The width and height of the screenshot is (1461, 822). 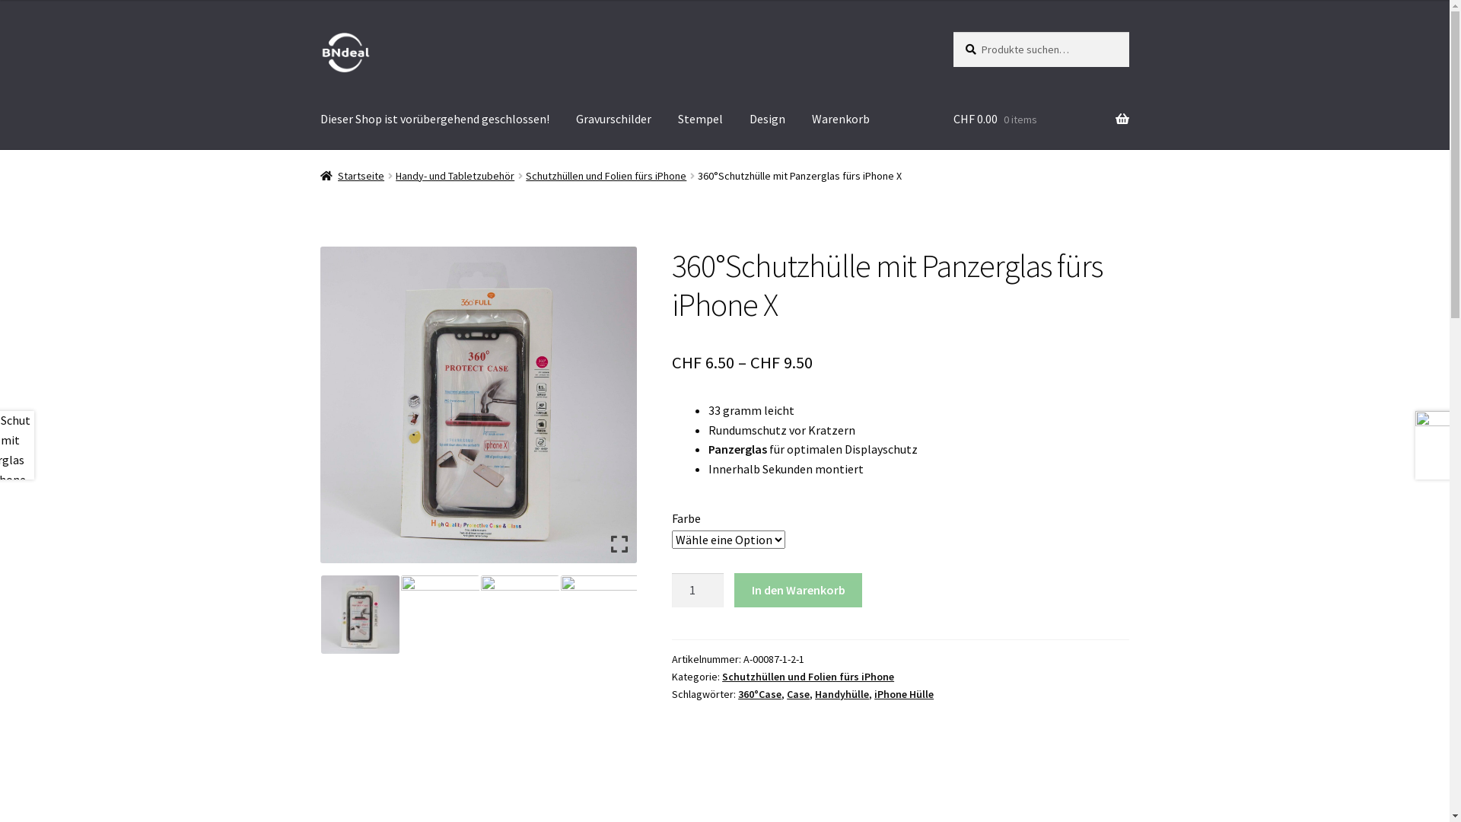 What do you see at coordinates (767, 119) in the screenshot?
I see `'Design'` at bounding box center [767, 119].